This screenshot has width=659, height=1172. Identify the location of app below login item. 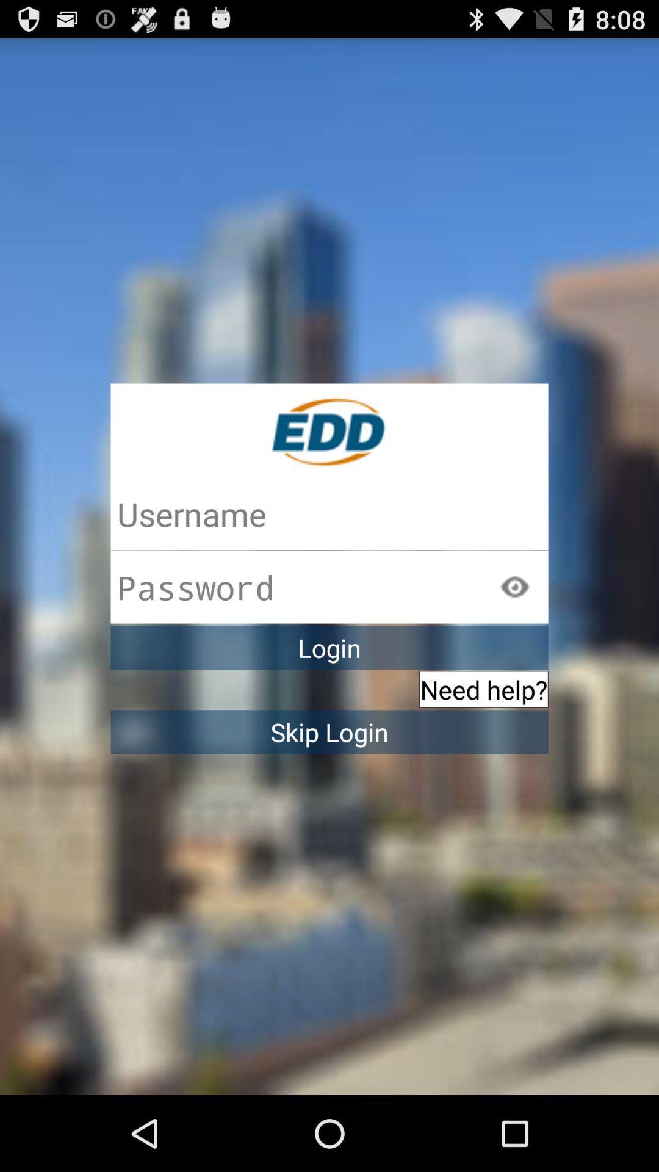
(483, 689).